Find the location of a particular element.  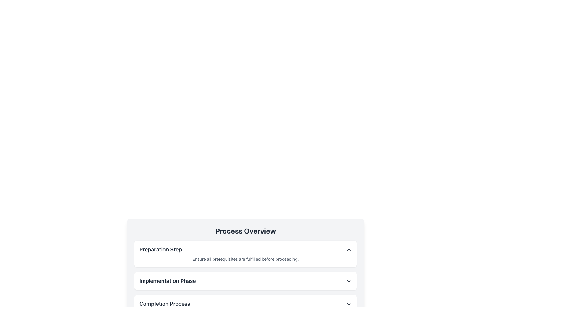

the icon located to the right of the 'Completion Process' text label is located at coordinates (349, 304).